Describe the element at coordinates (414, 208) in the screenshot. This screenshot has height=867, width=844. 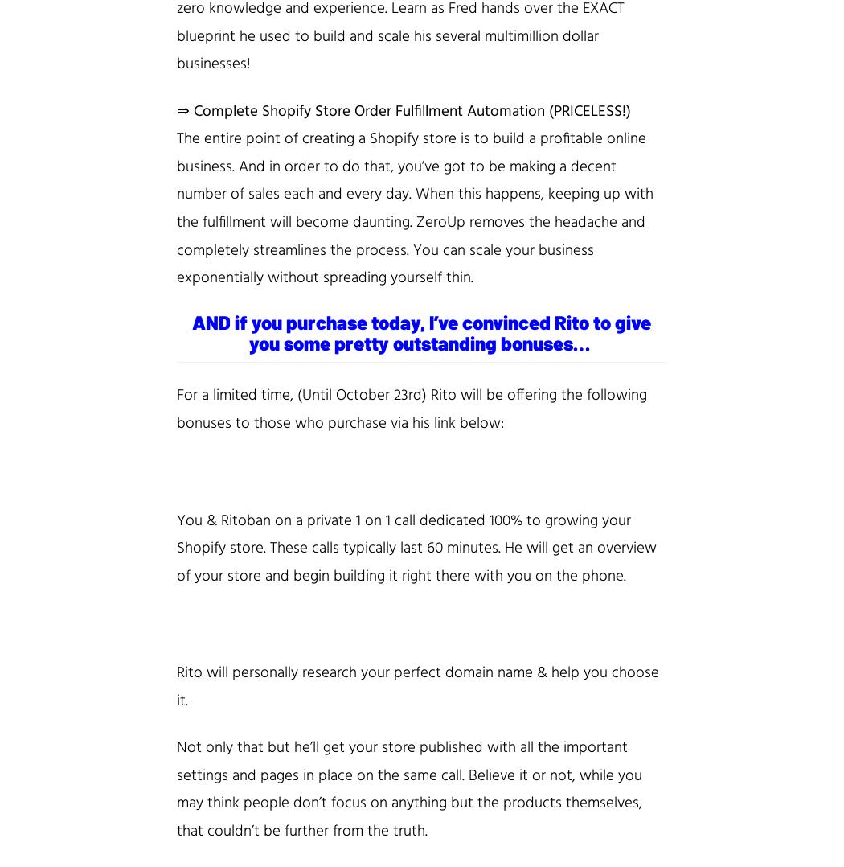
I see `'The entire point of creating a Shopify store is to build a profitable online business. And in order to do that, you’ve got to be making a decent number of sales each and every day. When this happens, keeping up with the fulfillment will become daunting. ZeroUp removes the headache and completely streamlines the process. You can scale your business exponentially without spreading yourself thin.'` at that location.